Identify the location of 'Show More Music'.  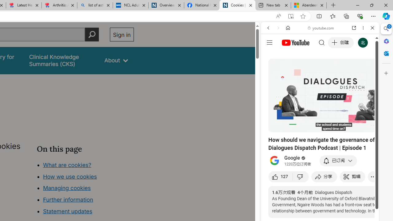
(357, 168).